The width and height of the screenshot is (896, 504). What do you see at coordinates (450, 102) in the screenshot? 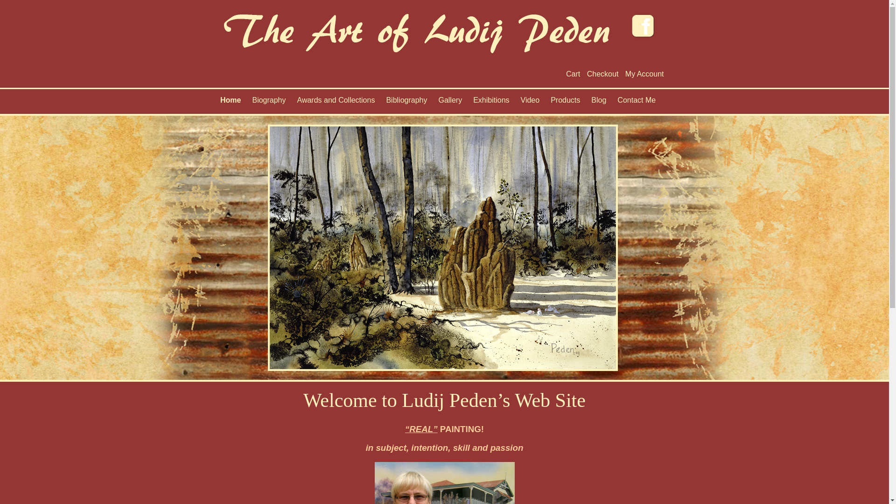
I see `'Gallery'` at bounding box center [450, 102].